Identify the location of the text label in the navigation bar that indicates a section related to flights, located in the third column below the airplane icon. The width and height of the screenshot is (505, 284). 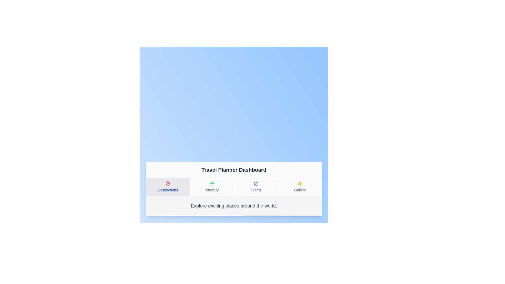
(256, 190).